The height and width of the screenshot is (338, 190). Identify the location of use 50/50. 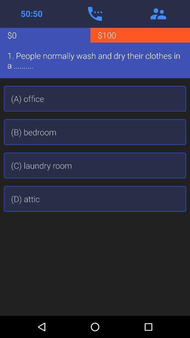
(31, 13).